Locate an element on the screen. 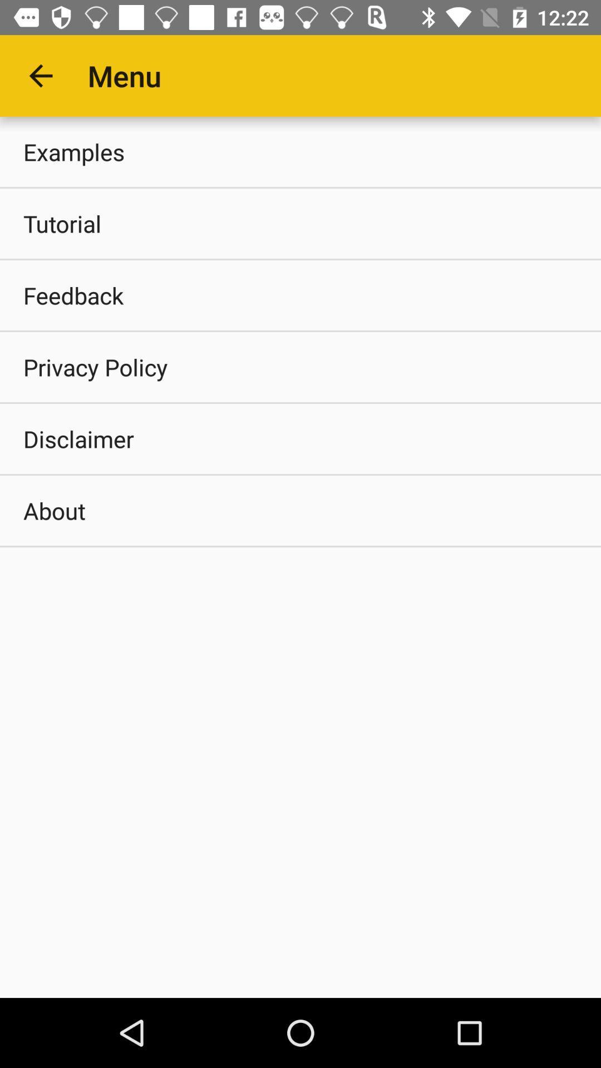 The image size is (601, 1068). the item below the tutorial icon is located at coordinates (300, 295).